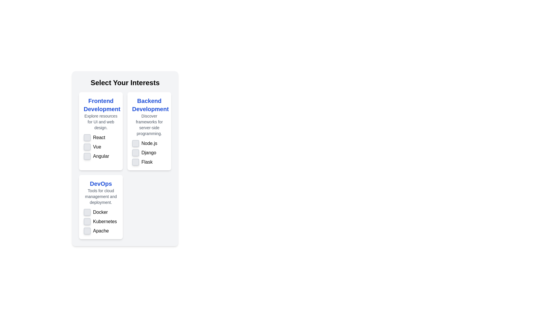 Image resolution: width=560 pixels, height=315 pixels. Describe the element at coordinates (101, 212) in the screenshot. I see `the text label that reads 'Docker', which is the first entry in the 'DevOps' section and located next to the checkbox` at that location.